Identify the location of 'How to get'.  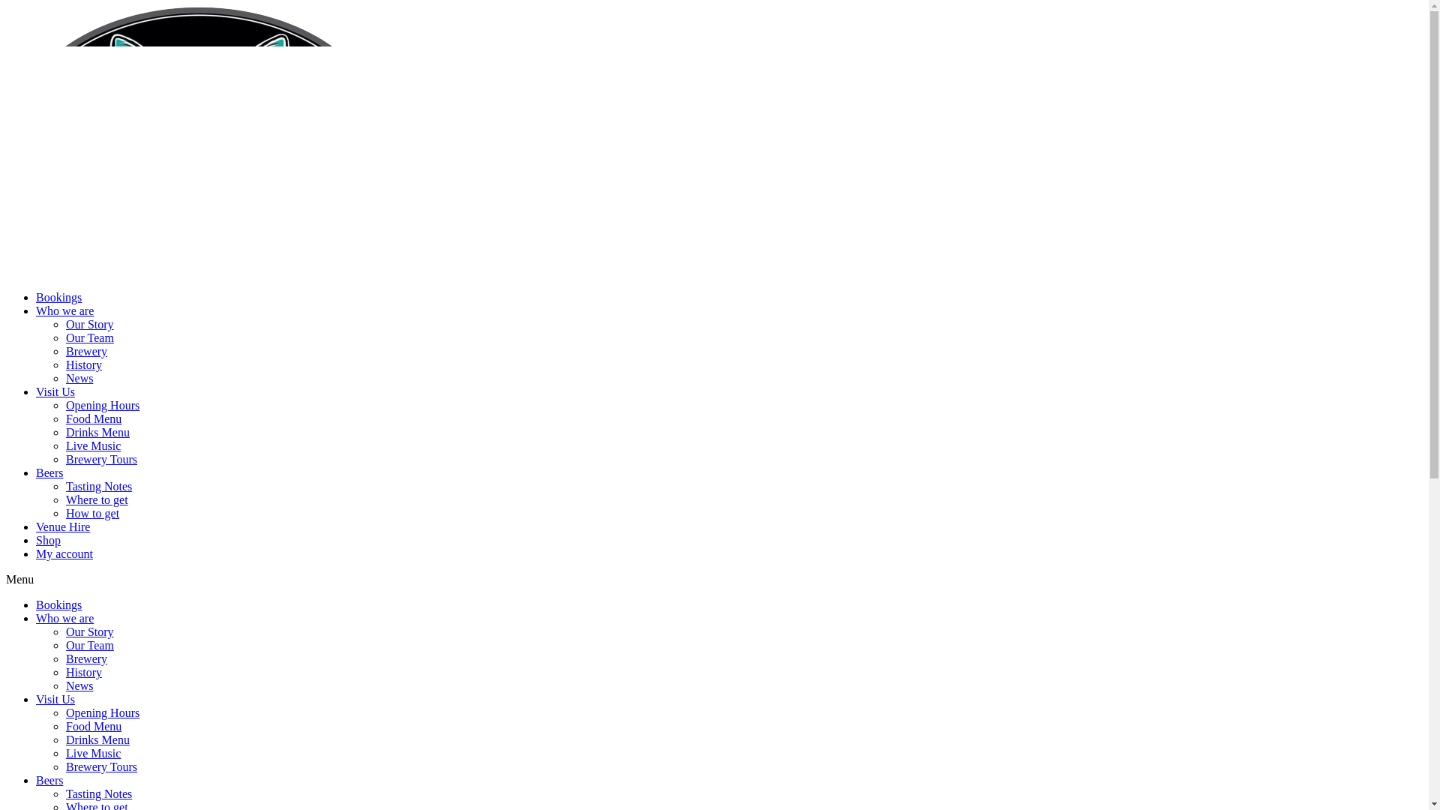
(91, 512).